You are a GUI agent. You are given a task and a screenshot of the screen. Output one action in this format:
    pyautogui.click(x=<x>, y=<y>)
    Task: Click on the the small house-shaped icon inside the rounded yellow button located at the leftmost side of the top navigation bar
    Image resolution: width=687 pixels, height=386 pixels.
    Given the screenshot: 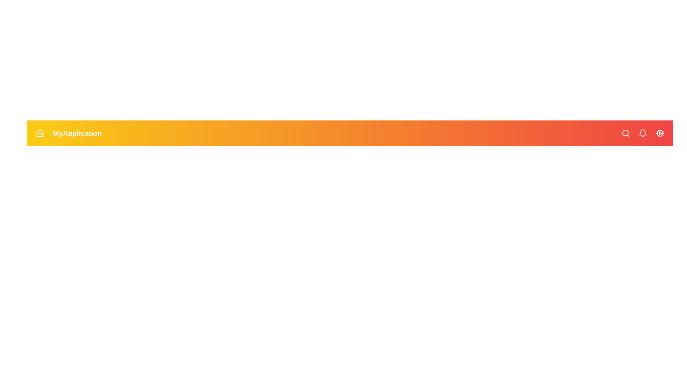 What is the action you would take?
    pyautogui.click(x=39, y=133)
    